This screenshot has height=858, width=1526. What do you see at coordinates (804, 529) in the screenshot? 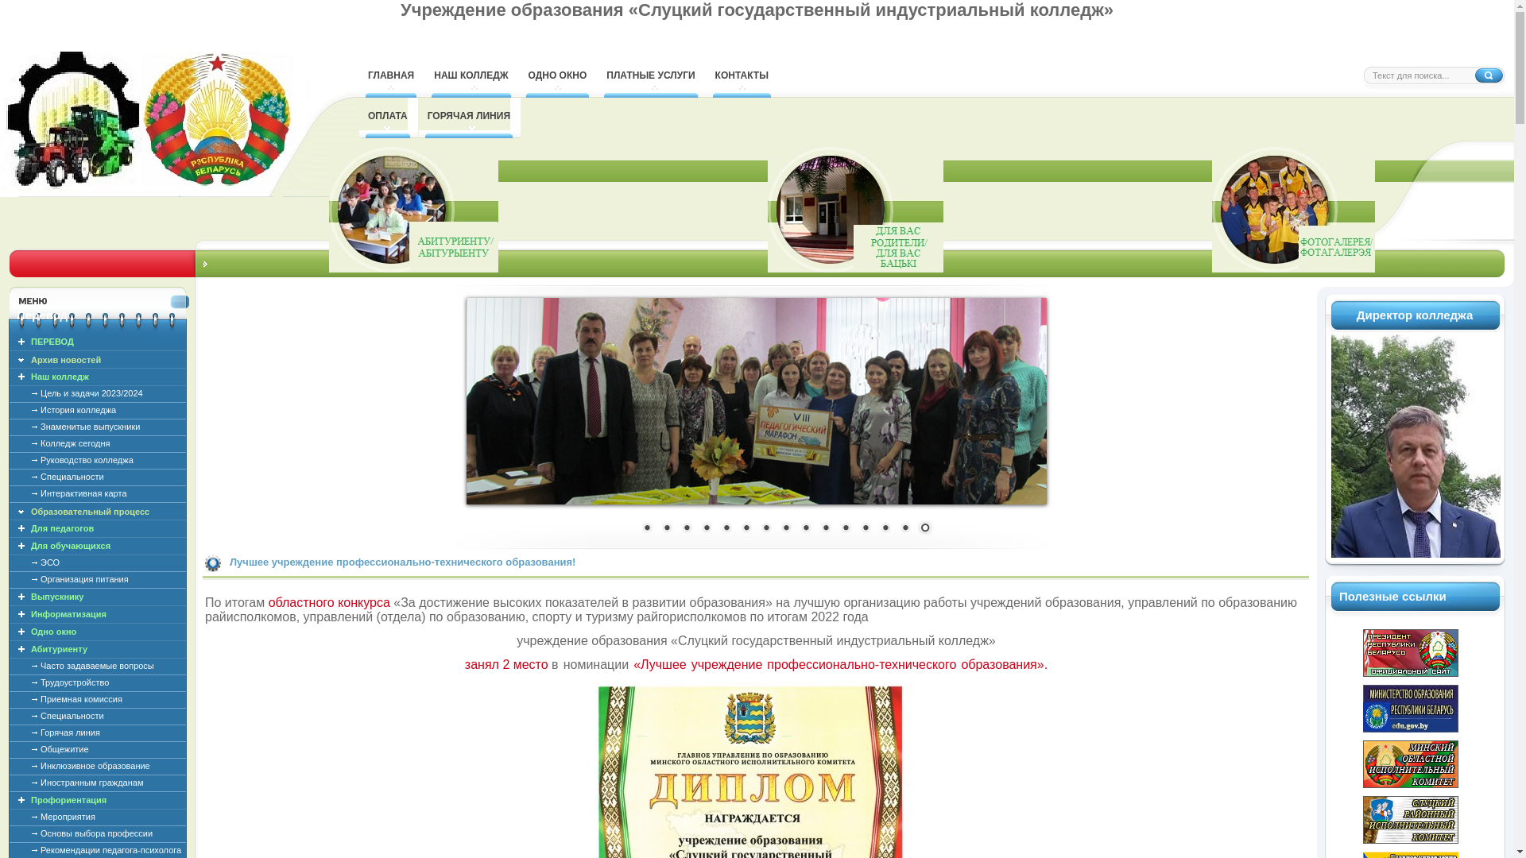
I see `'9'` at bounding box center [804, 529].